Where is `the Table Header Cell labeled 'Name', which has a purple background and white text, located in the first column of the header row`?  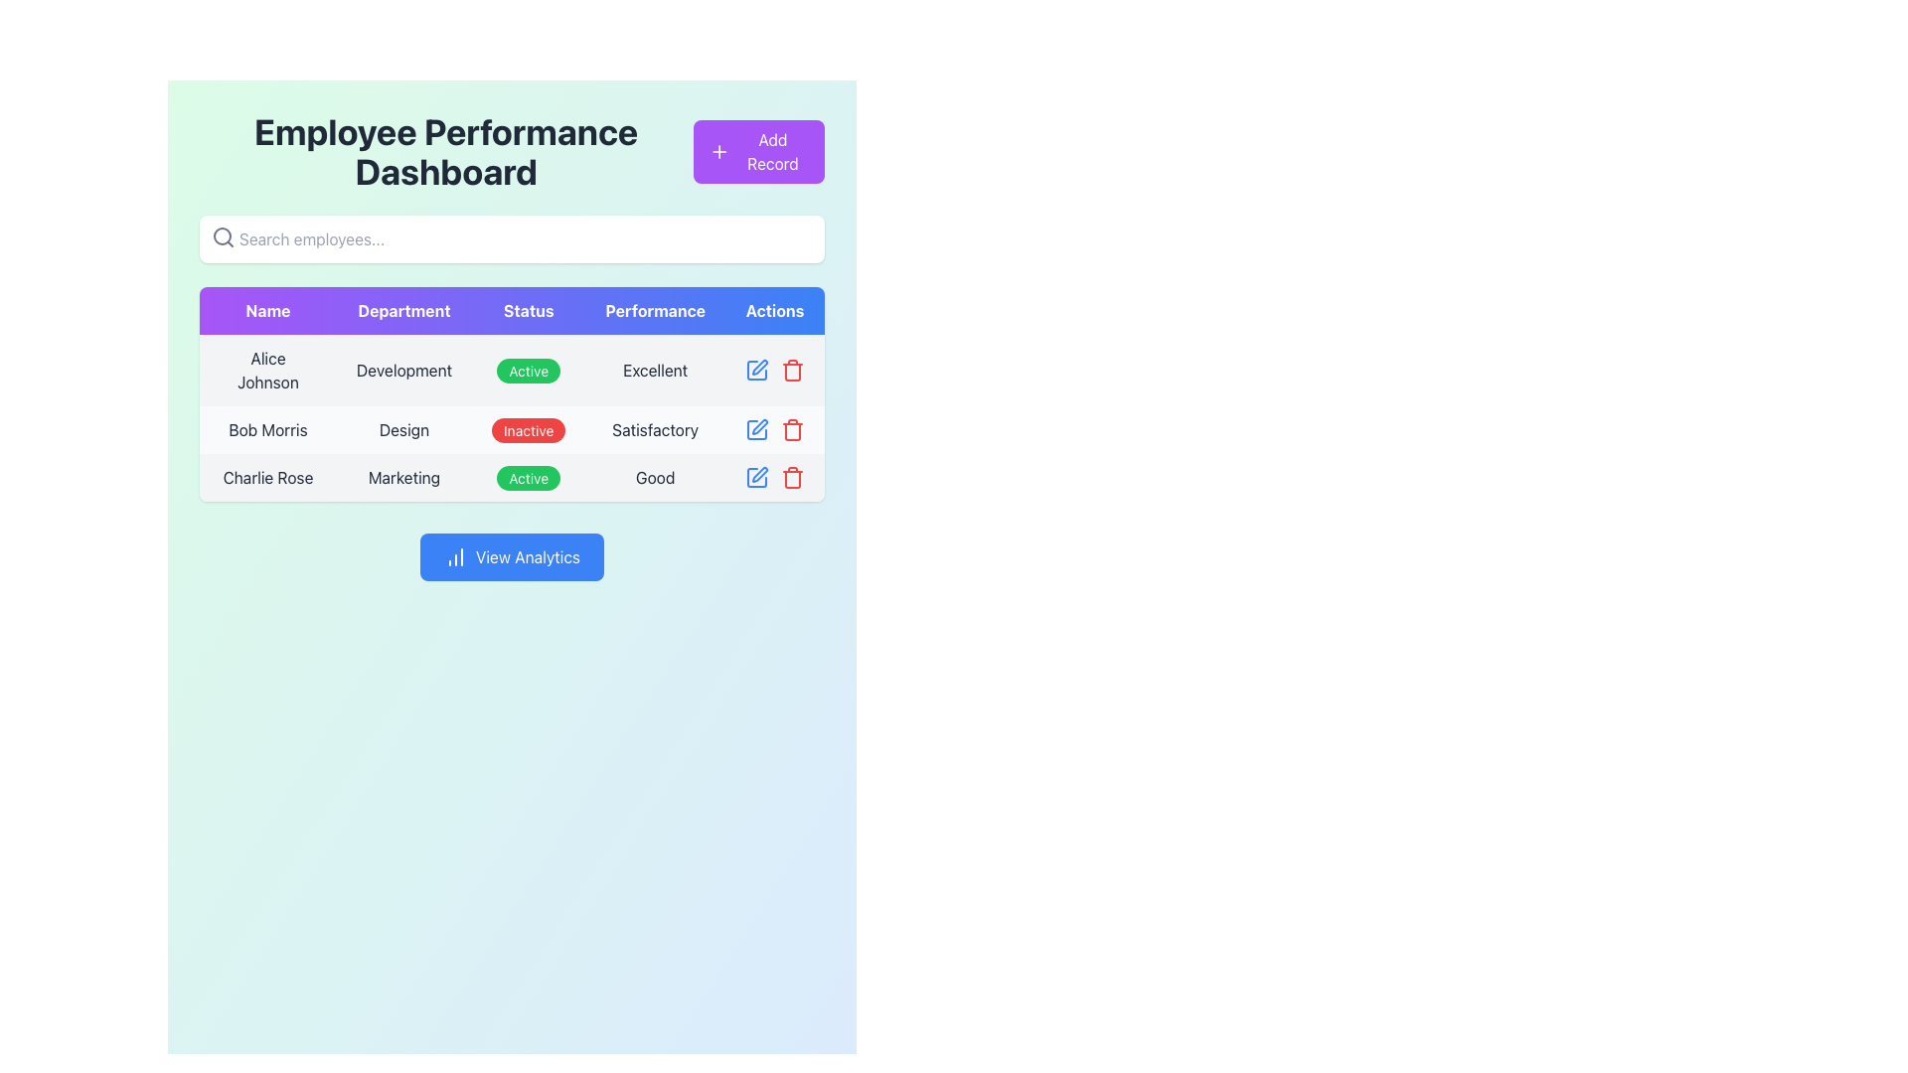 the Table Header Cell labeled 'Name', which has a purple background and white text, located in the first column of the header row is located at coordinates (266, 310).